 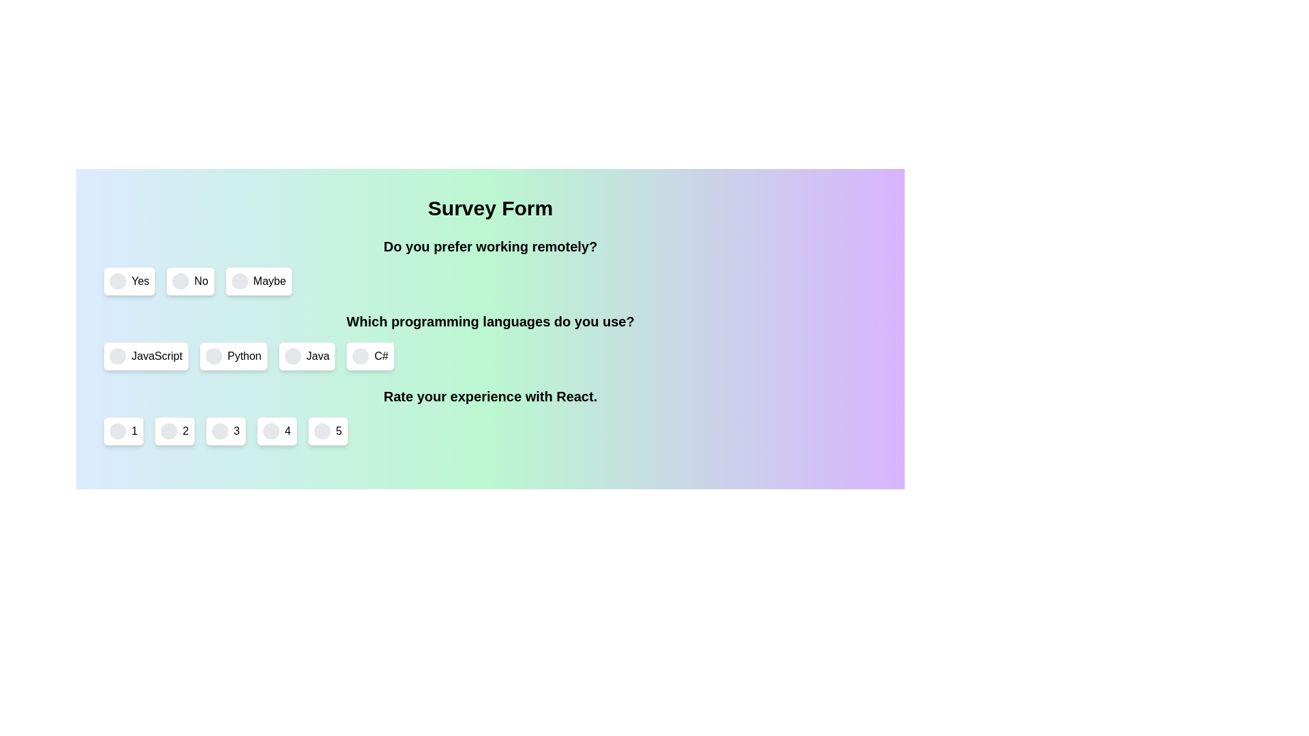 What do you see at coordinates (258, 280) in the screenshot?
I see `the 'Maybe' button, which is a rounded rectangle with a light background and a gray circular icon` at bounding box center [258, 280].